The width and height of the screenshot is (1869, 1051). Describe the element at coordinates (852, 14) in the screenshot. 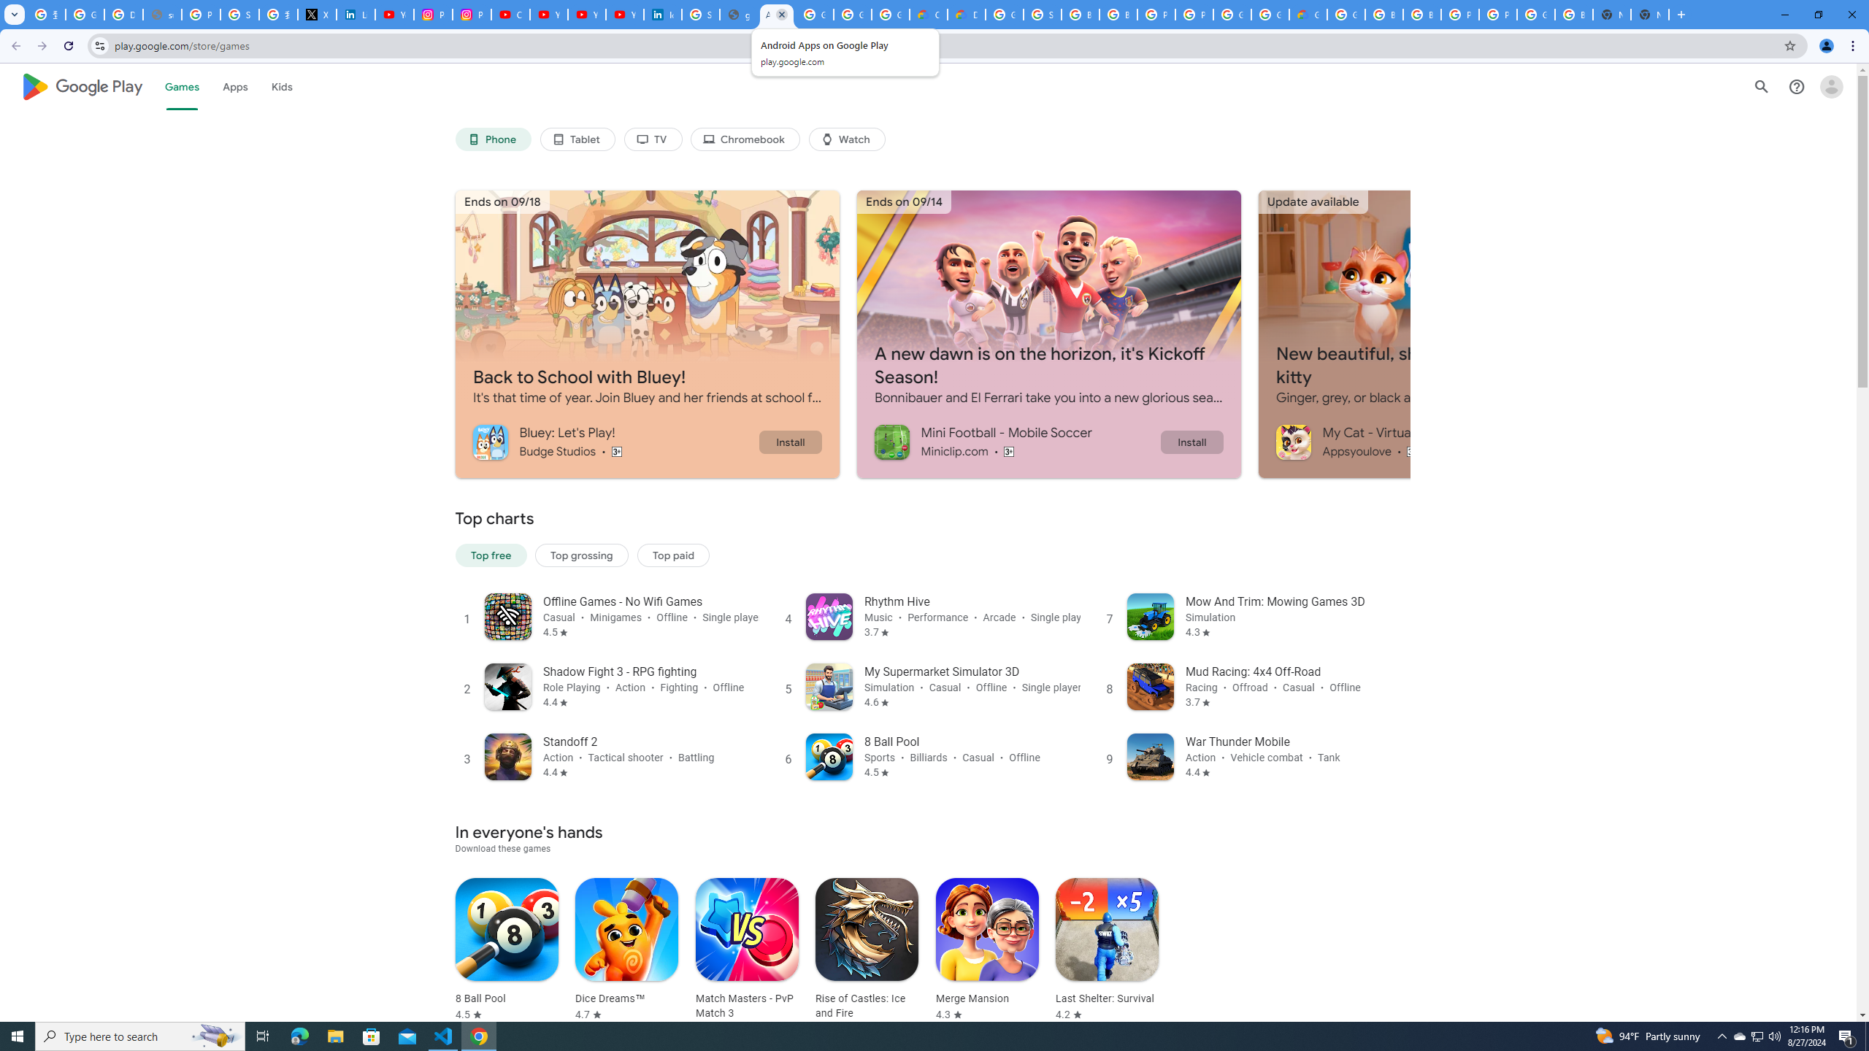

I see `'Google Workspace - Specific Terms'` at that location.